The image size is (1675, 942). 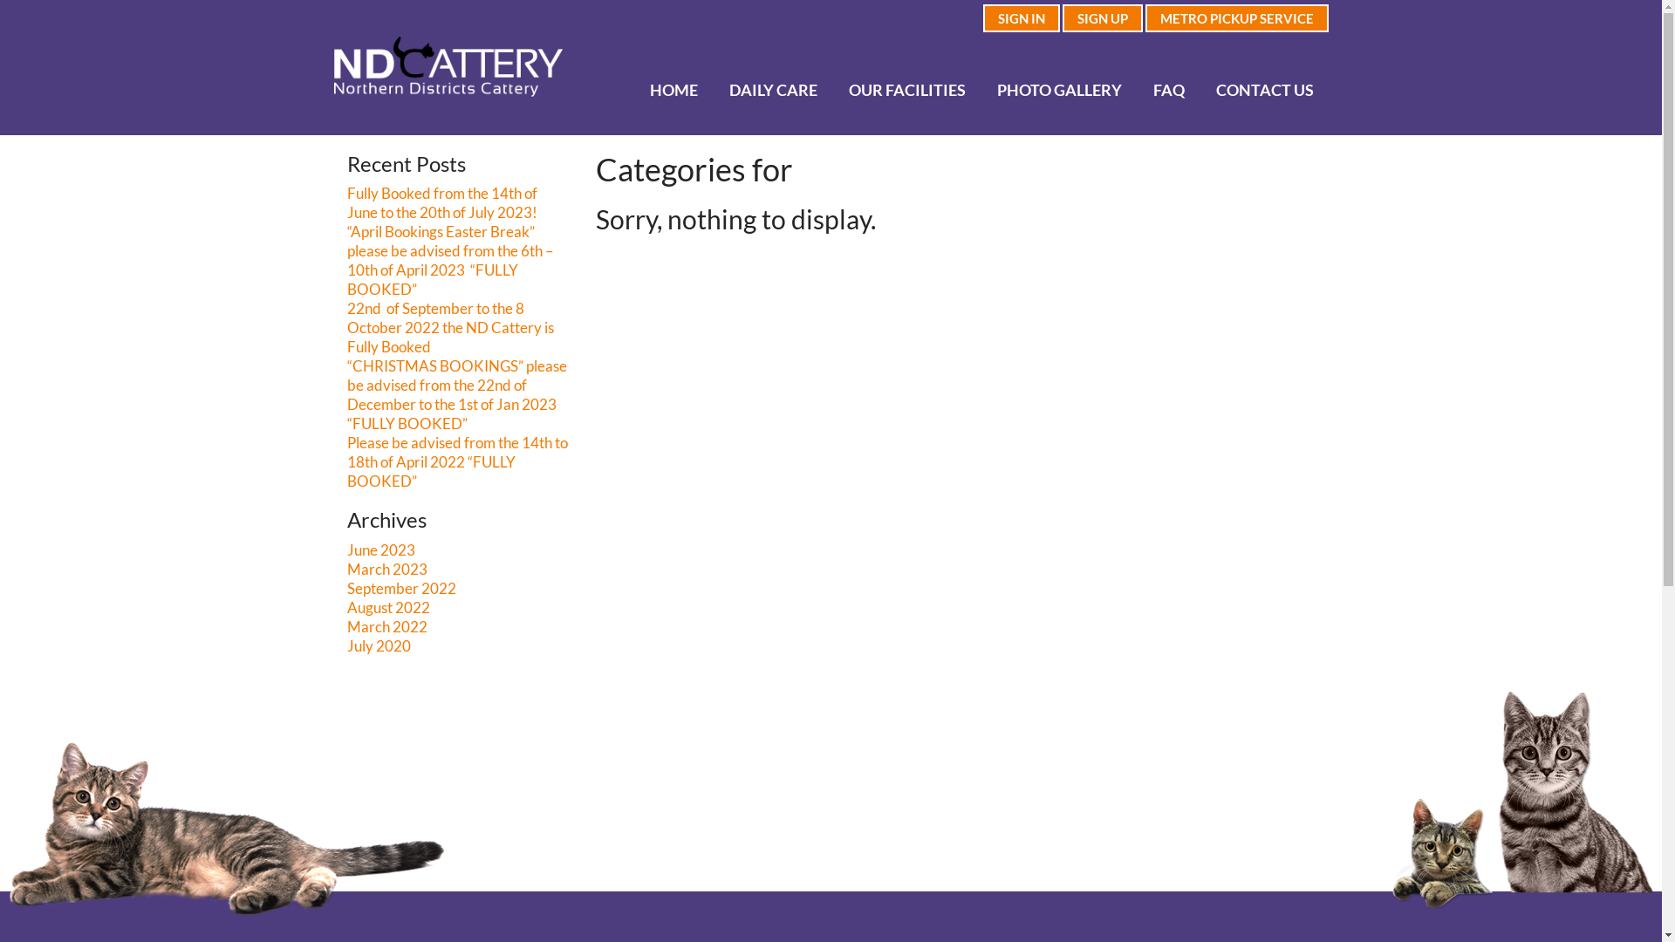 I want to click on 'OUR FACILITIES', so click(x=906, y=89).